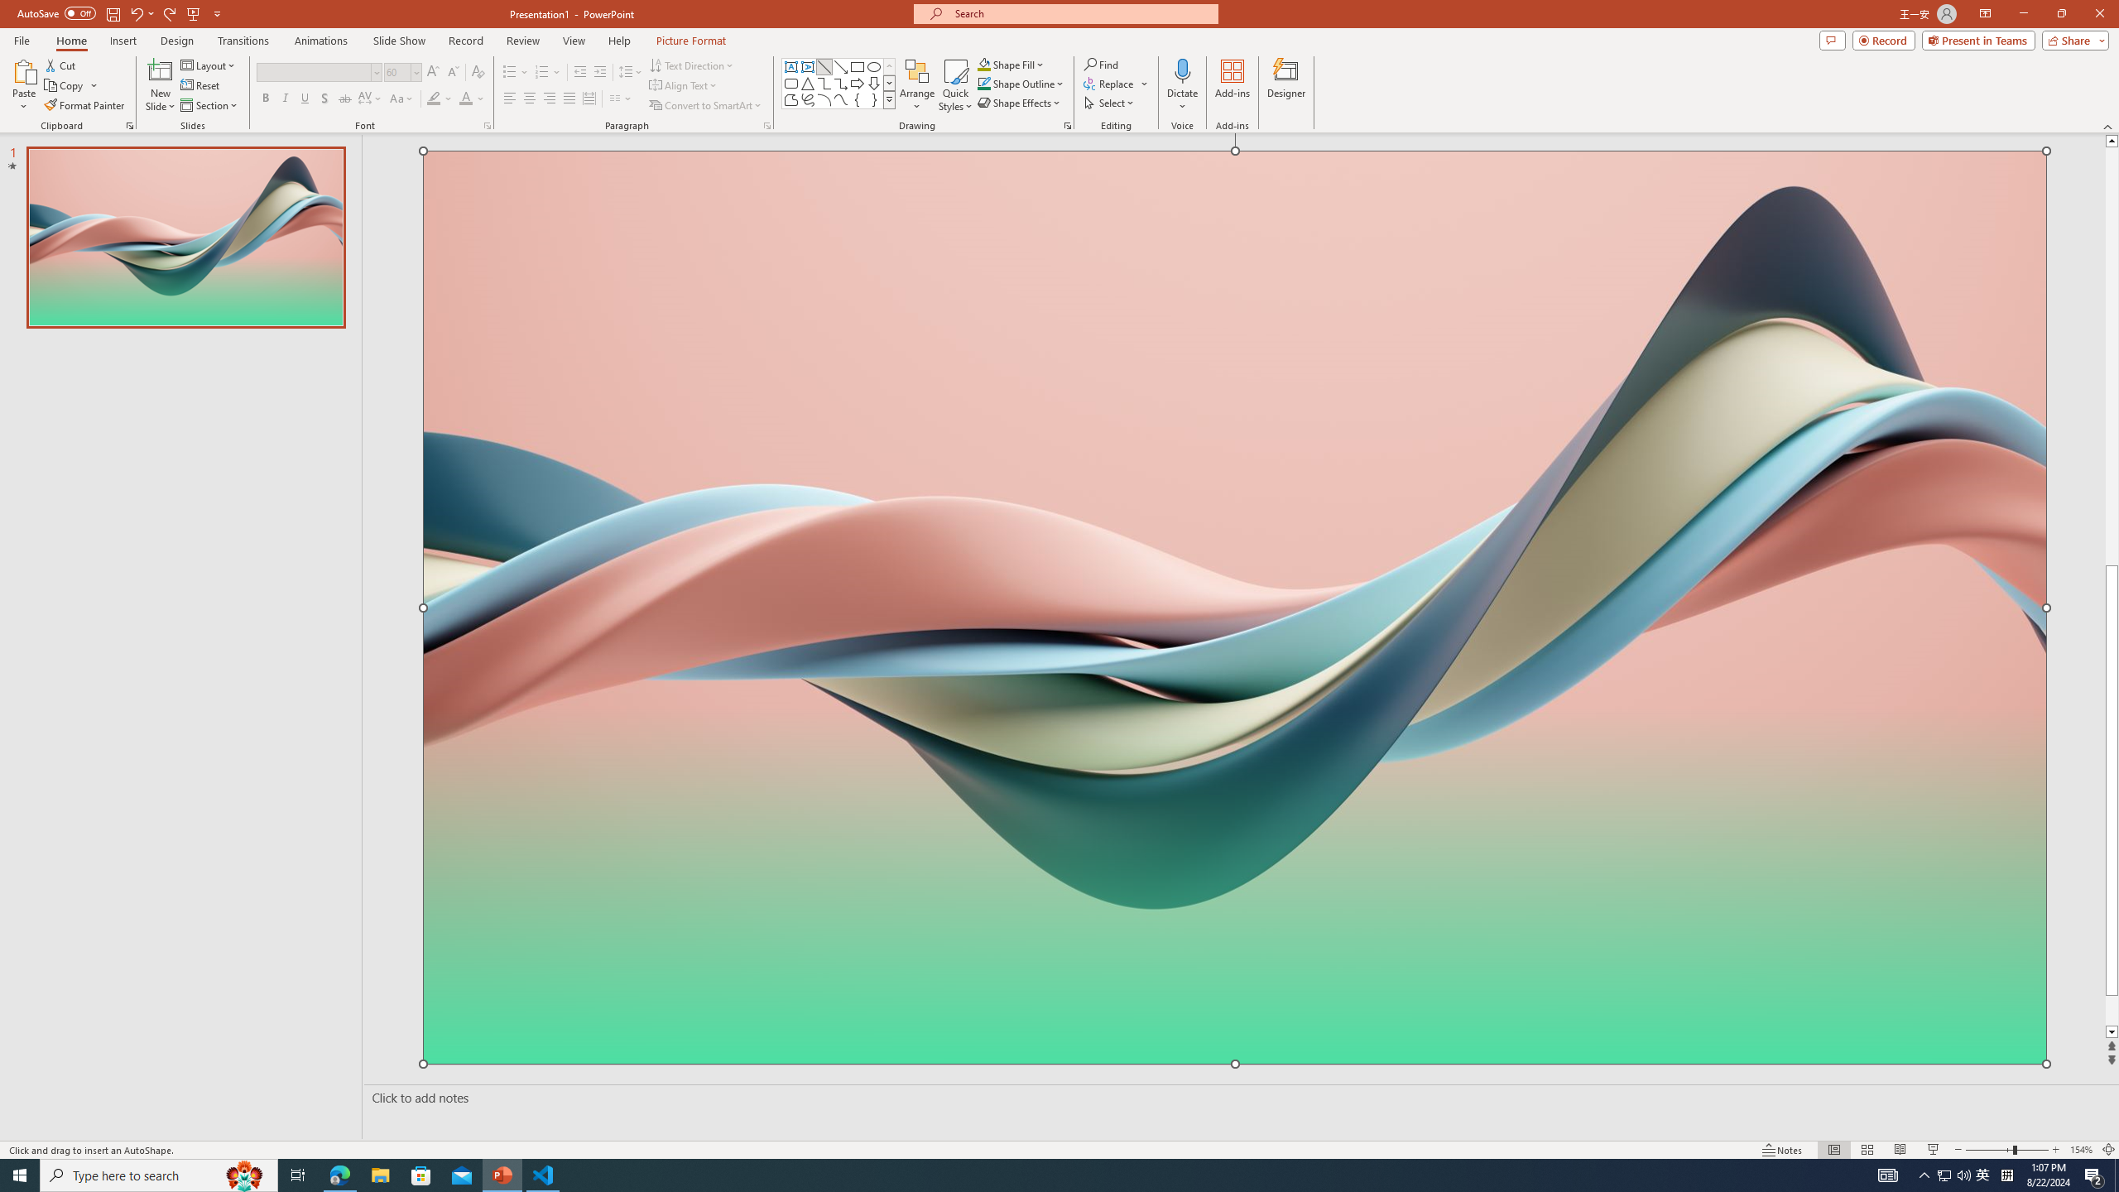 The width and height of the screenshot is (2119, 1192). Describe the element at coordinates (1234, 606) in the screenshot. I see `'Wavy 3D art'` at that location.